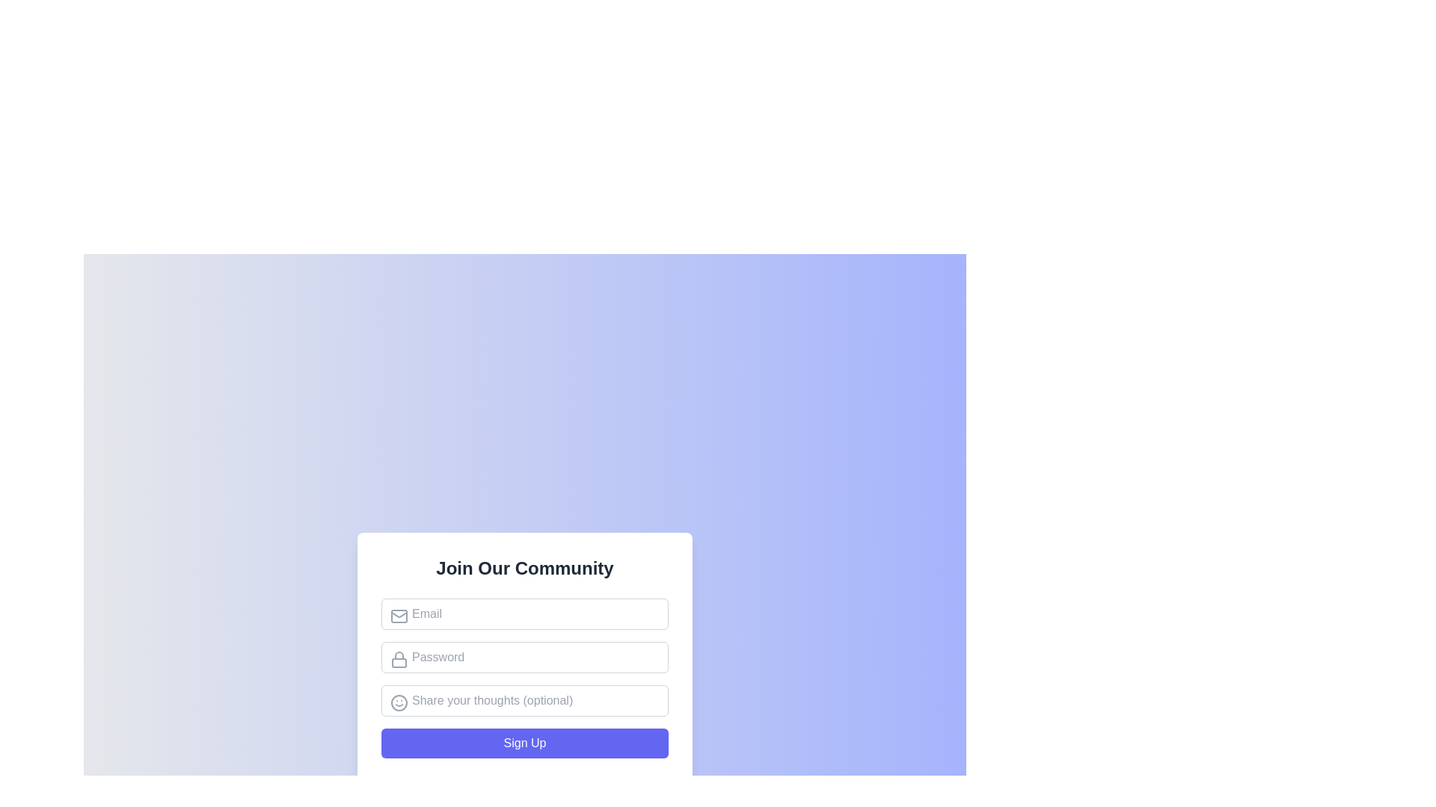  Describe the element at coordinates (524, 743) in the screenshot. I see `the submission button located at the bottom of the vertical form layout` at that location.